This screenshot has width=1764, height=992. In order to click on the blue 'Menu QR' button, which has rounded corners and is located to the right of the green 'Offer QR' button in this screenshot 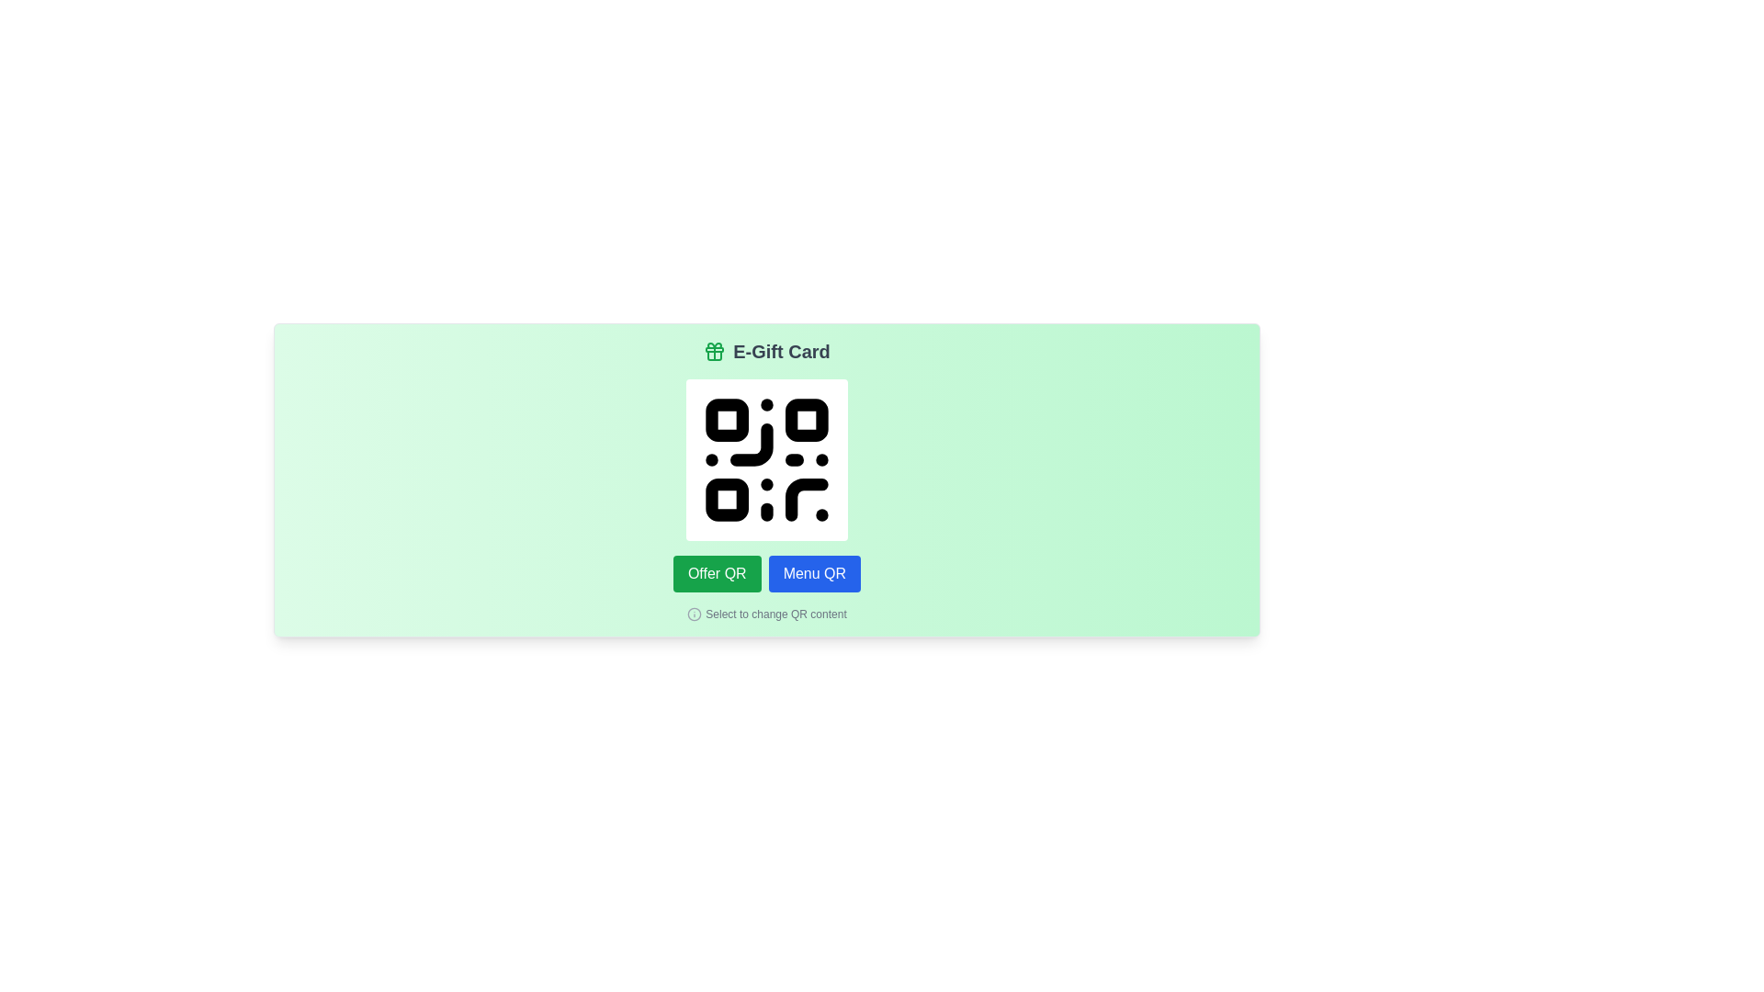, I will do `click(813, 572)`.